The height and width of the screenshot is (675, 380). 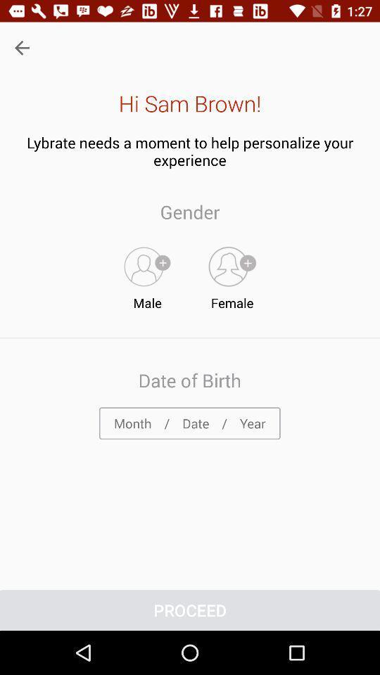 I want to click on date of birth, so click(x=189, y=423).